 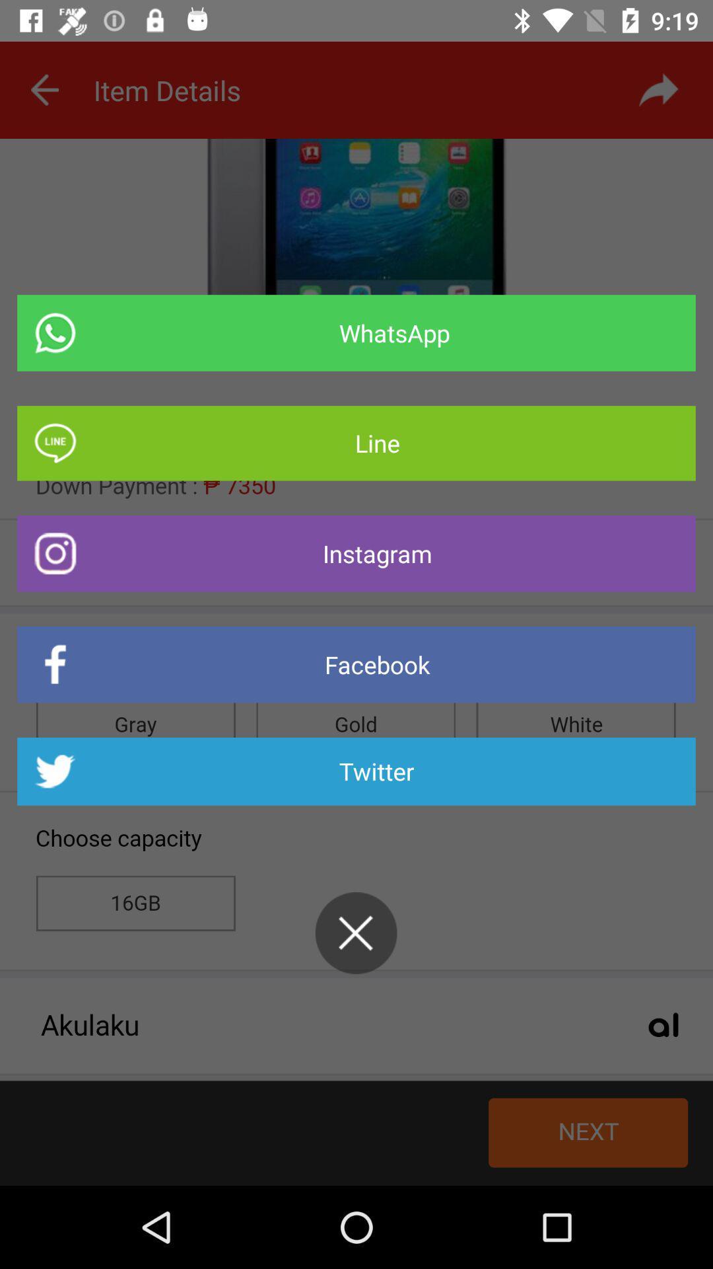 What do you see at coordinates (356, 664) in the screenshot?
I see `the facebook` at bounding box center [356, 664].